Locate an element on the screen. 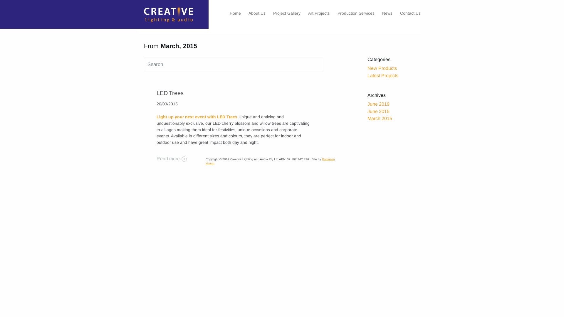  'Project Gallery' is located at coordinates (287, 13).